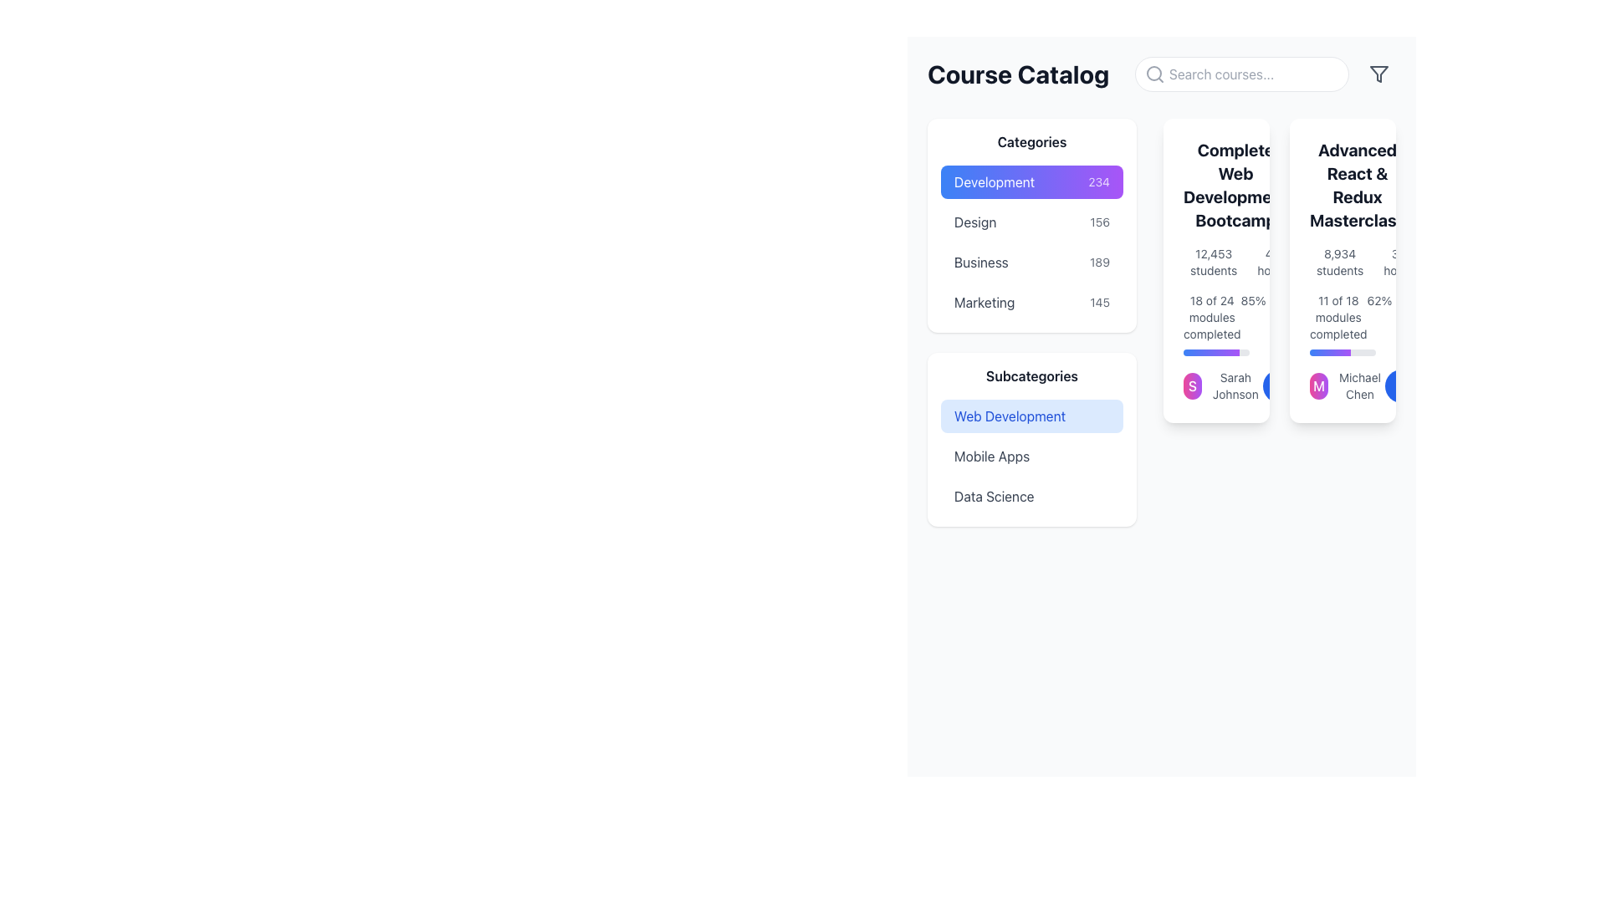  Describe the element at coordinates (1214, 262) in the screenshot. I see `the Text Label displaying '12,453 students' that is located in the card for 'Complete Web Development Bootcamp', positioned slightly above its vertical center and beside the '48 hours' text` at that location.